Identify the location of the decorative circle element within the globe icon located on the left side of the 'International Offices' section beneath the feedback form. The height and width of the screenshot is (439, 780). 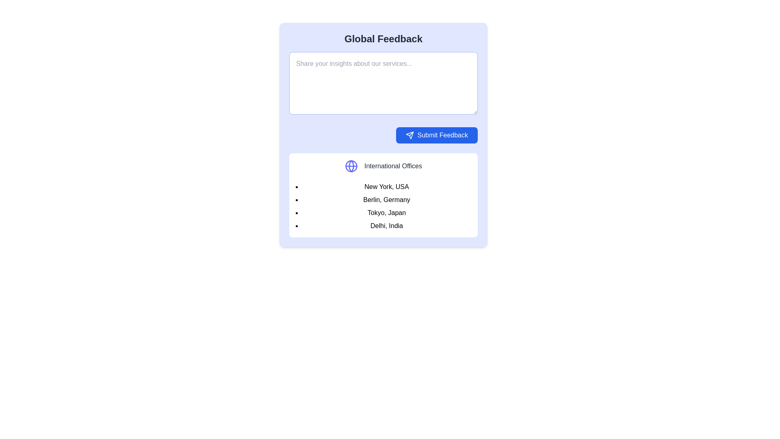
(351, 165).